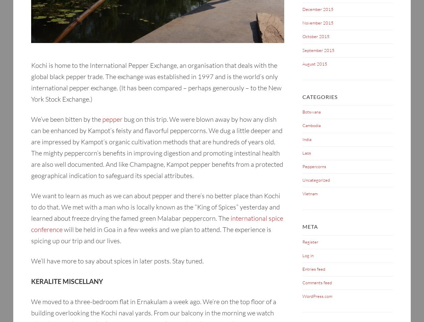 This screenshot has width=424, height=322. What do you see at coordinates (302, 63) in the screenshot?
I see `'August 2015'` at bounding box center [302, 63].